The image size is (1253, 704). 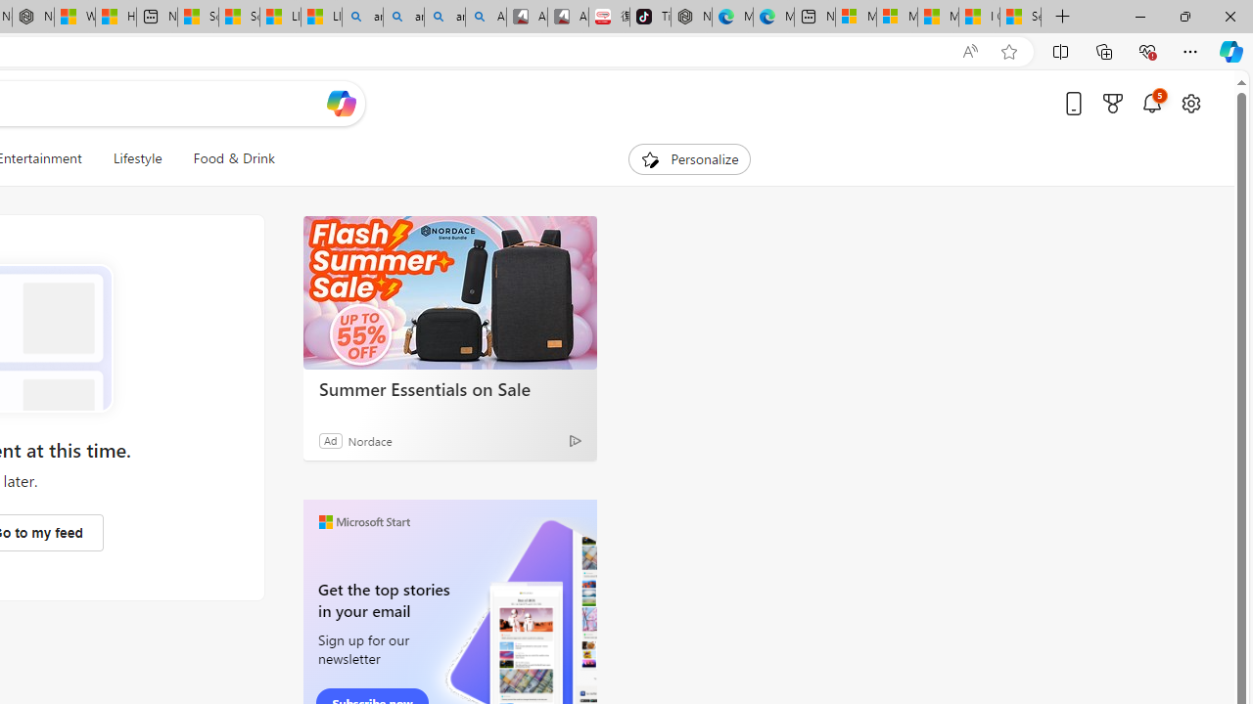 I want to click on 'All Cubot phones', so click(x=567, y=17).